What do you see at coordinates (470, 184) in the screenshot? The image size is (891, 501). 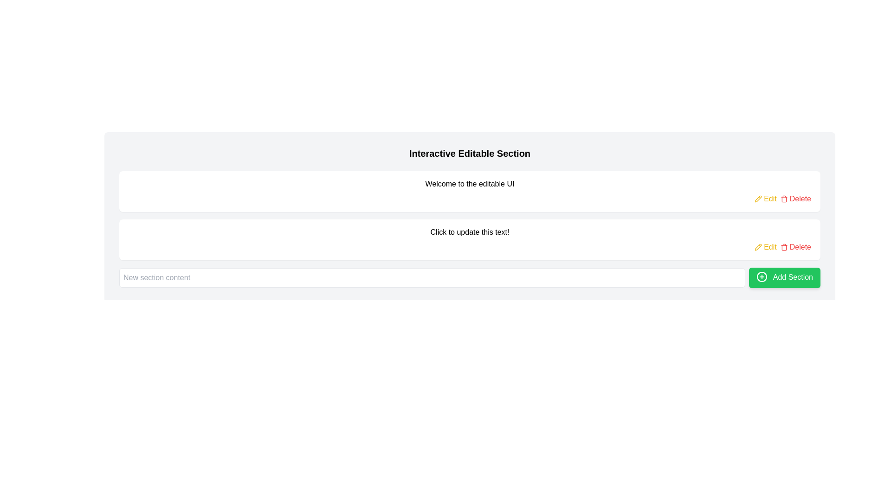 I see `the static text displaying 'Welcome to the editable UI', which is centrally positioned above the 'Edit' and 'Delete' buttons` at bounding box center [470, 184].